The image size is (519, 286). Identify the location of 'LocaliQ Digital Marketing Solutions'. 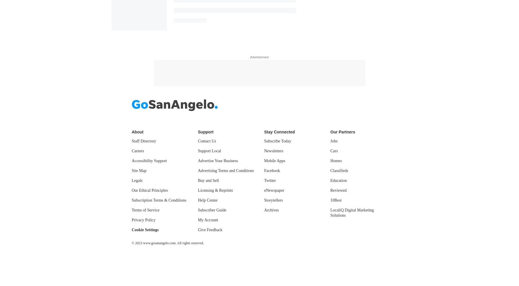
(352, 212).